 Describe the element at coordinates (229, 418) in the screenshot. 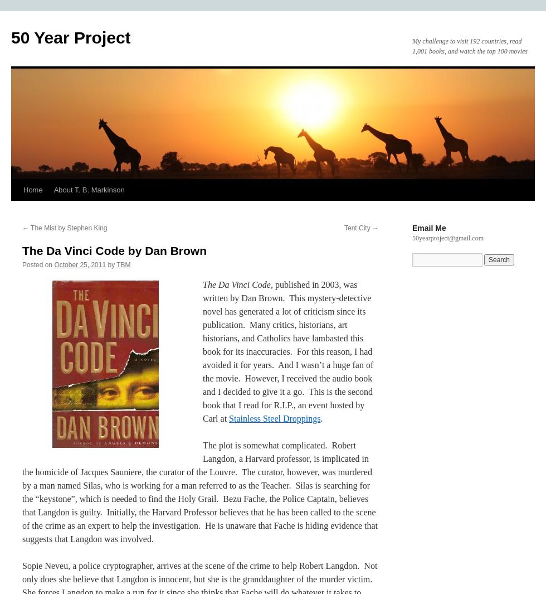

I see `'Stainless Steel Droppings'` at that location.